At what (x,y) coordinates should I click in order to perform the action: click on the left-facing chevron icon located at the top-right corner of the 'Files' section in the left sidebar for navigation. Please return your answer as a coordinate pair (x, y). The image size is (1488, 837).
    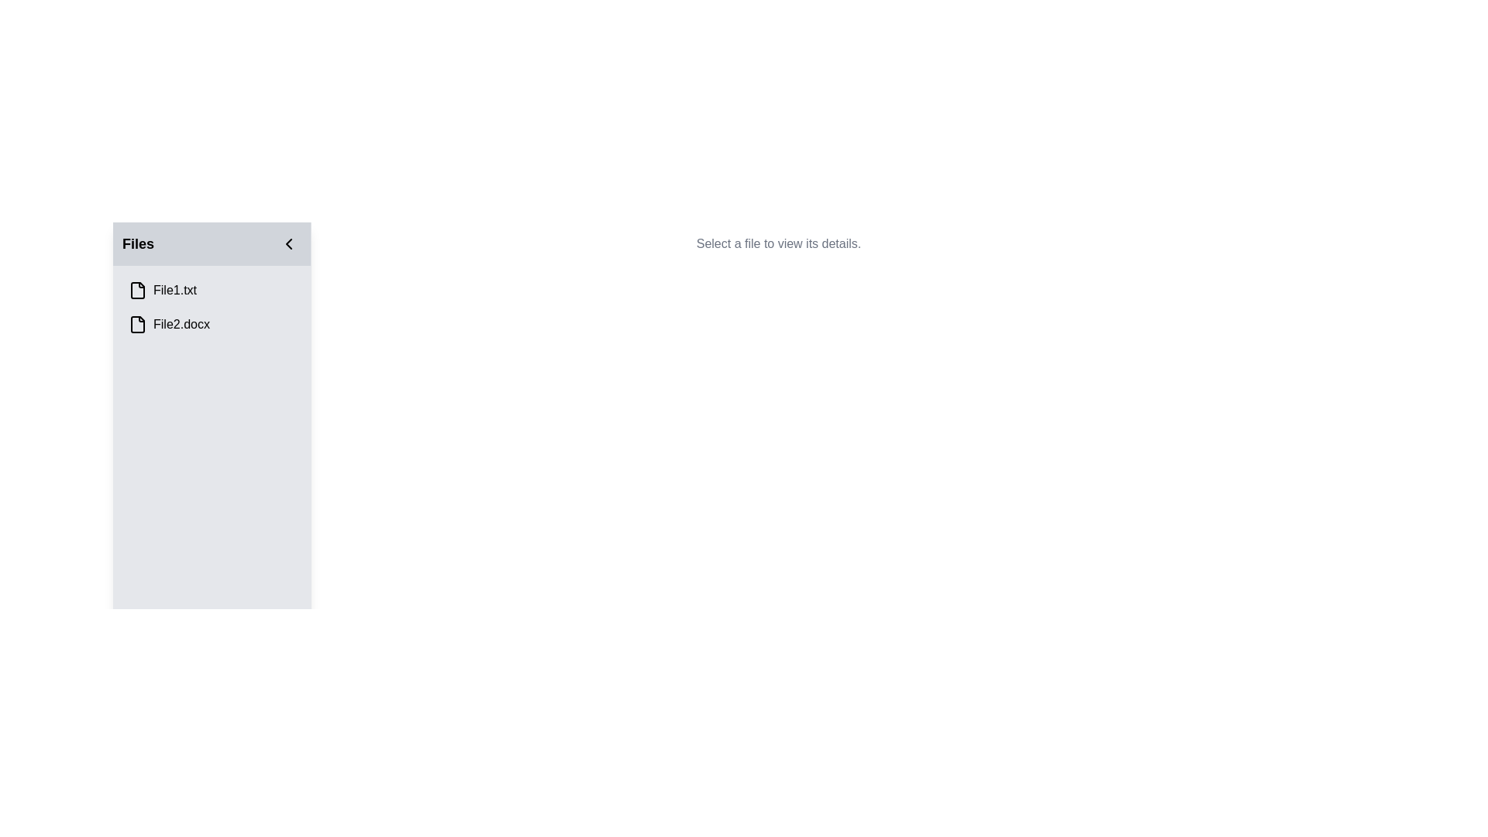
    Looking at the image, I should click on (289, 244).